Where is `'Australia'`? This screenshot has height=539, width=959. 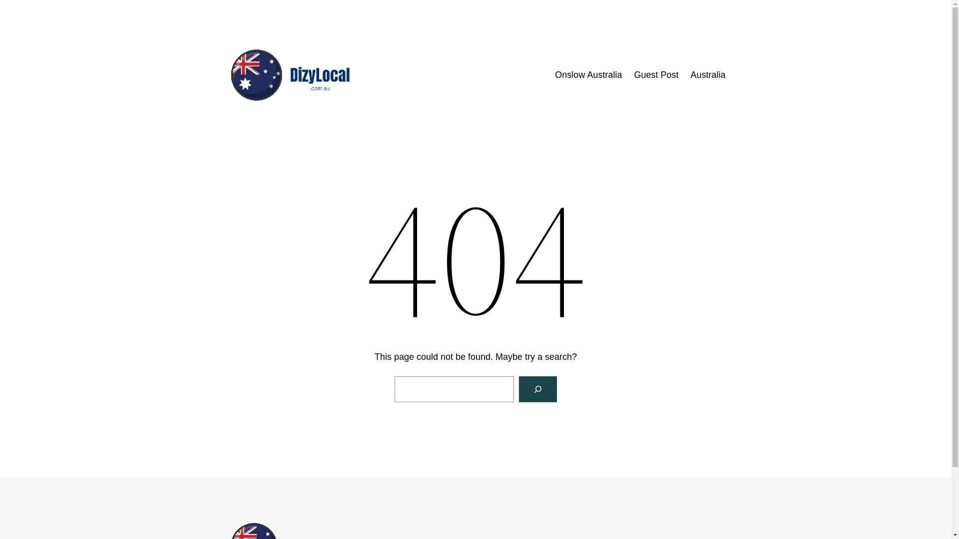 'Australia' is located at coordinates (690, 74).